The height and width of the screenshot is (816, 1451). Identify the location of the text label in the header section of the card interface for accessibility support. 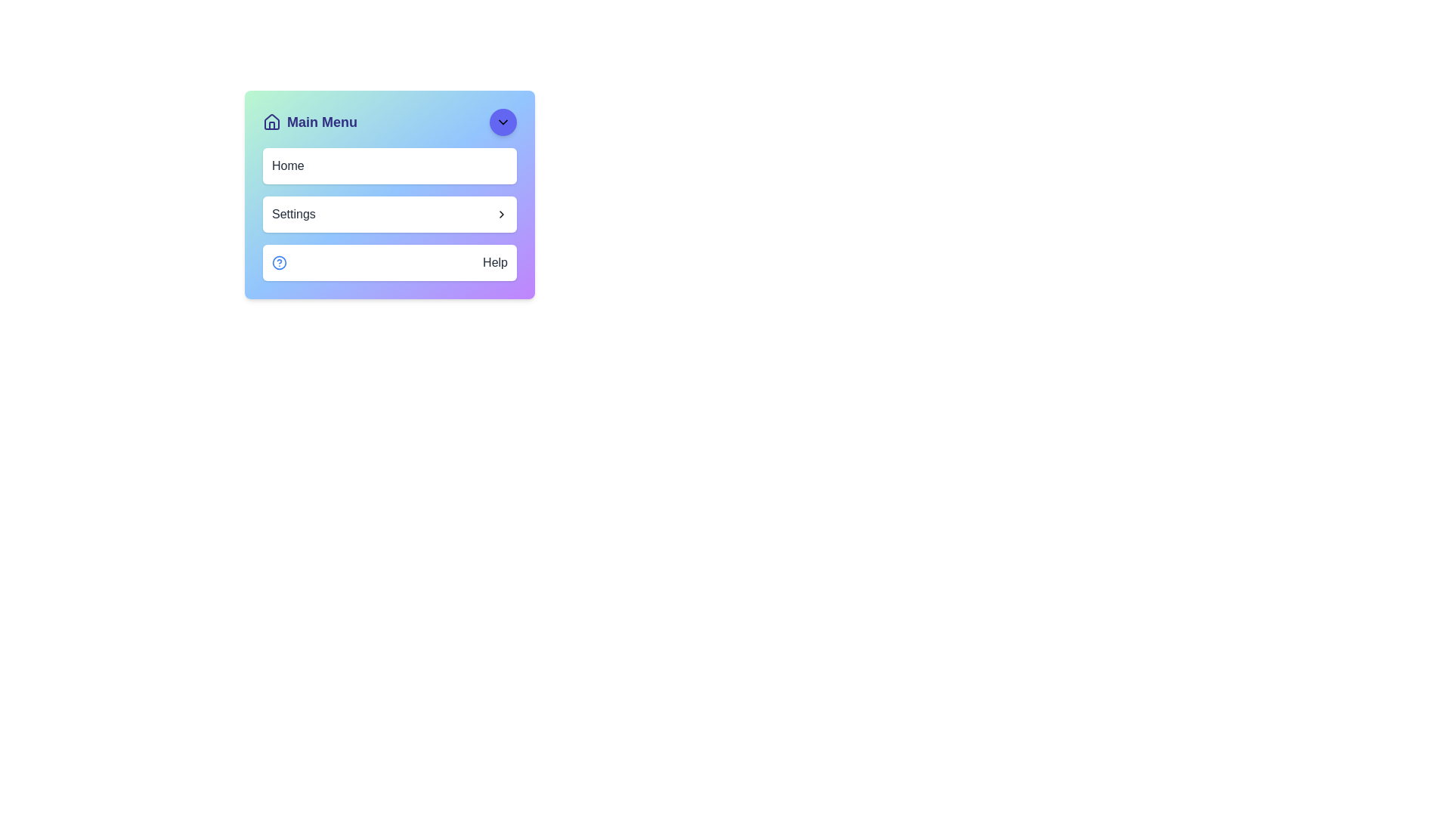
(309, 122).